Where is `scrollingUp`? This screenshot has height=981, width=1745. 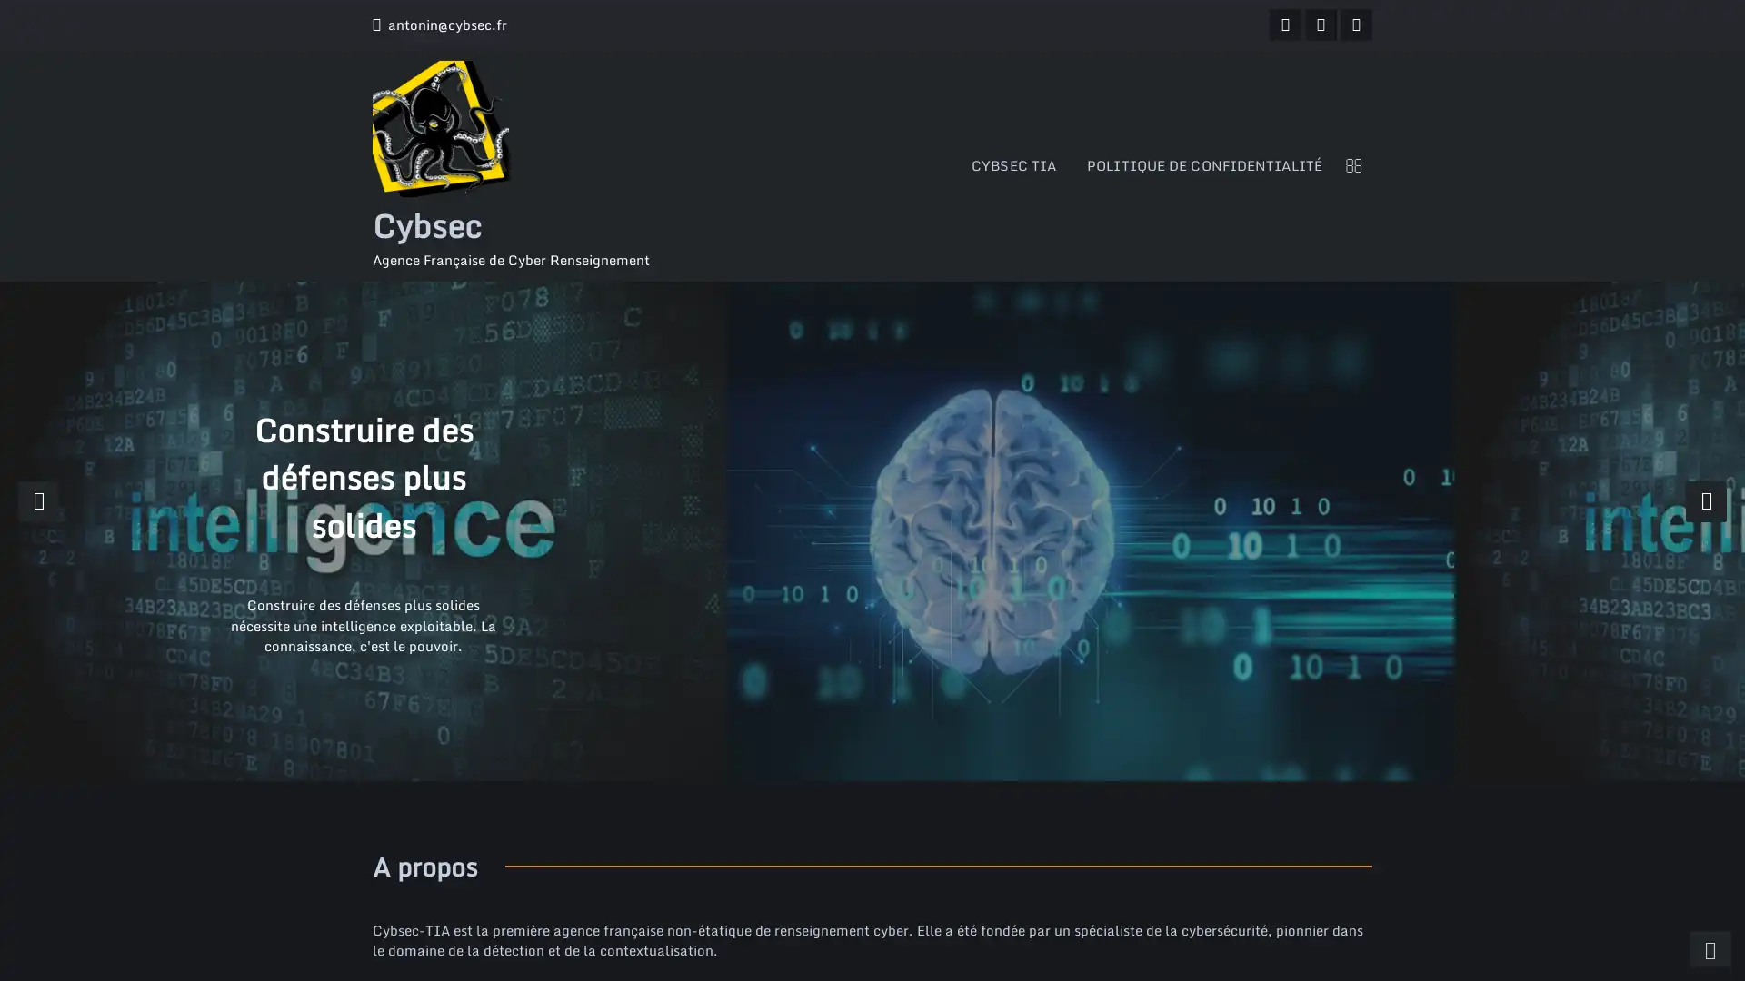
scrollingUp is located at coordinates (1709, 948).